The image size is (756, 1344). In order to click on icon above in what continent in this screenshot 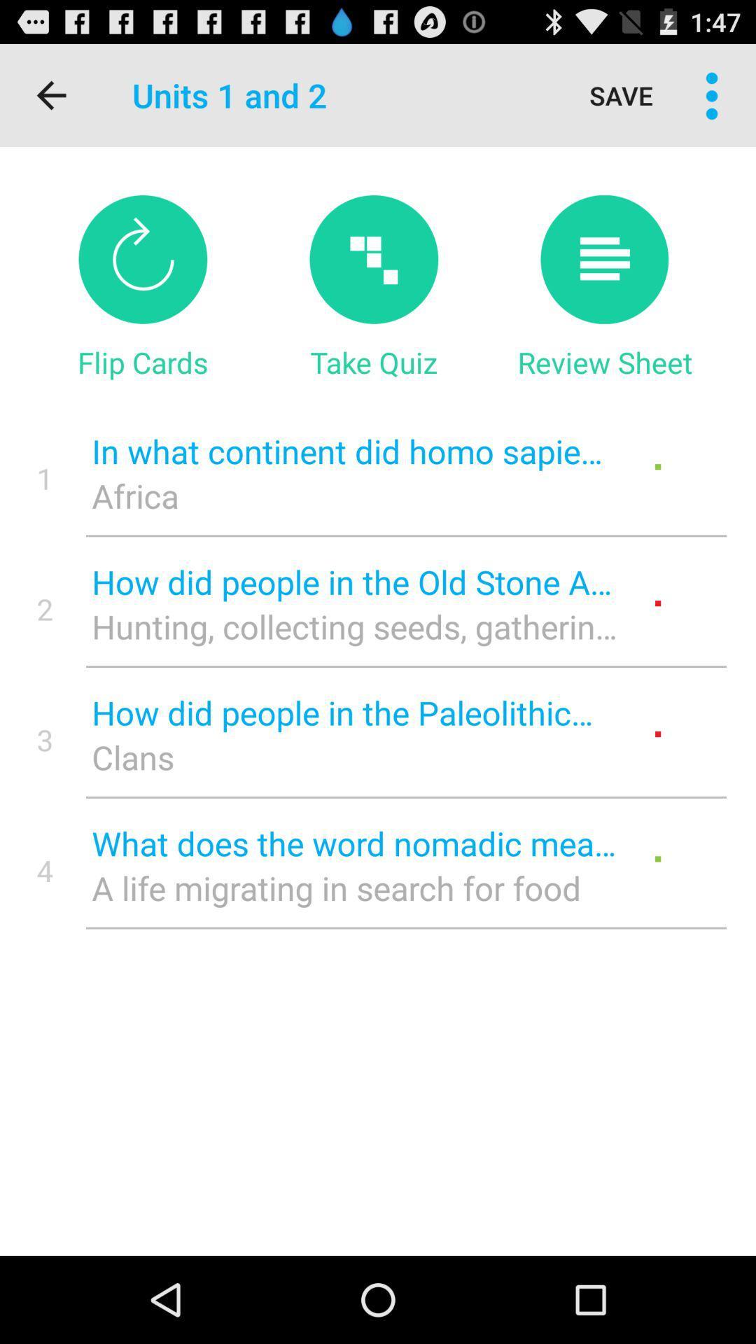, I will do `click(373, 362)`.